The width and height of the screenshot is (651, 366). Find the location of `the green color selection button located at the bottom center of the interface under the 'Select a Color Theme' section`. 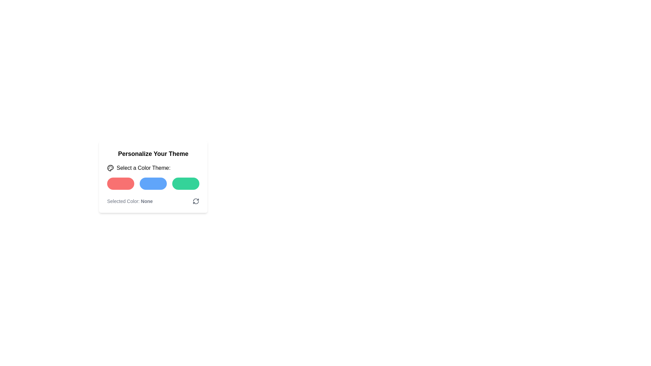

the green color selection button located at the bottom center of the interface under the 'Select a Color Theme' section is located at coordinates (185, 184).